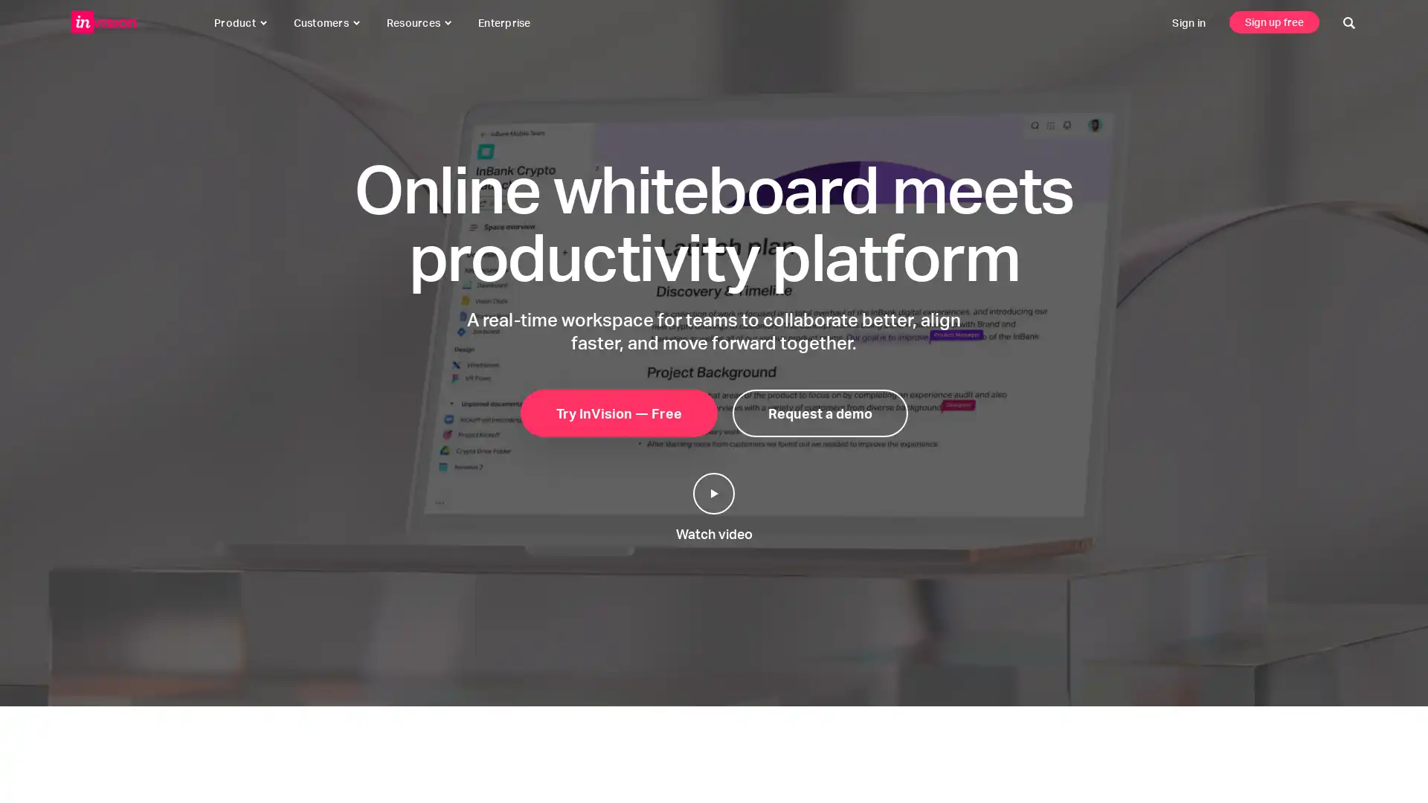 Image resolution: width=1428 pixels, height=803 pixels. Describe the element at coordinates (714, 493) in the screenshot. I see `play` at that location.